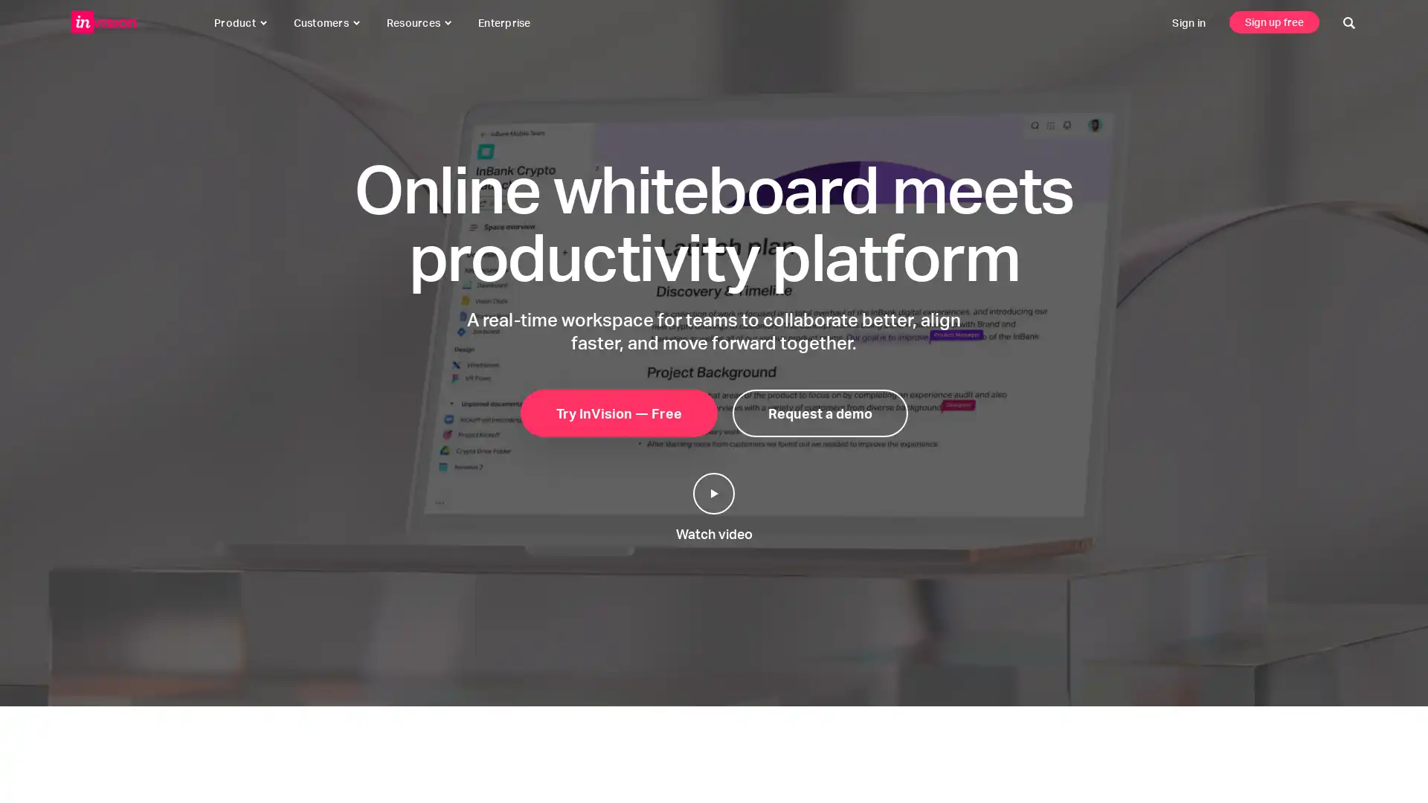 Image resolution: width=1428 pixels, height=803 pixels. Describe the element at coordinates (714, 493) in the screenshot. I see `play` at that location.